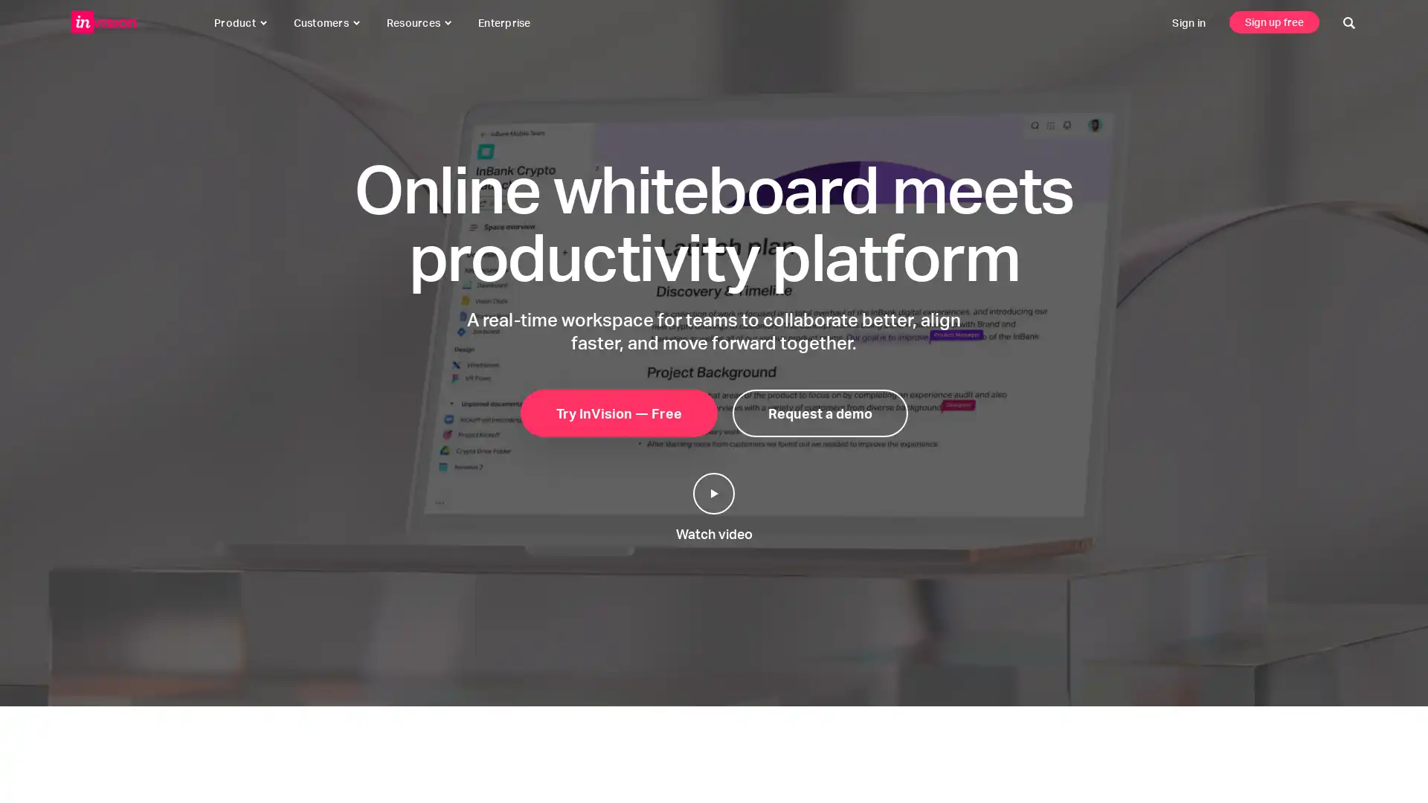 Image resolution: width=1428 pixels, height=803 pixels. Describe the element at coordinates (714, 493) in the screenshot. I see `play` at that location.